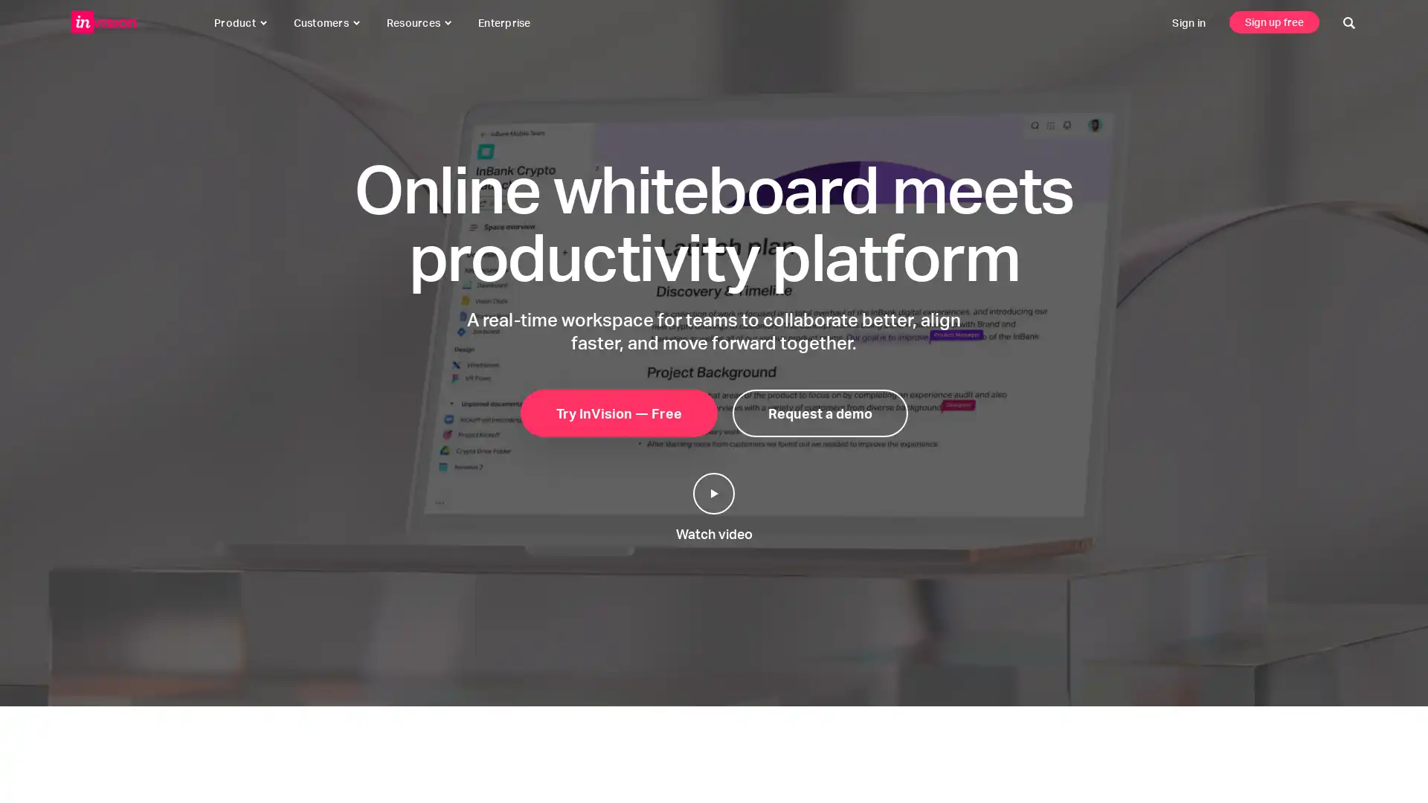 Image resolution: width=1428 pixels, height=803 pixels. Describe the element at coordinates (714, 493) in the screenshot. I see `play` at that location.